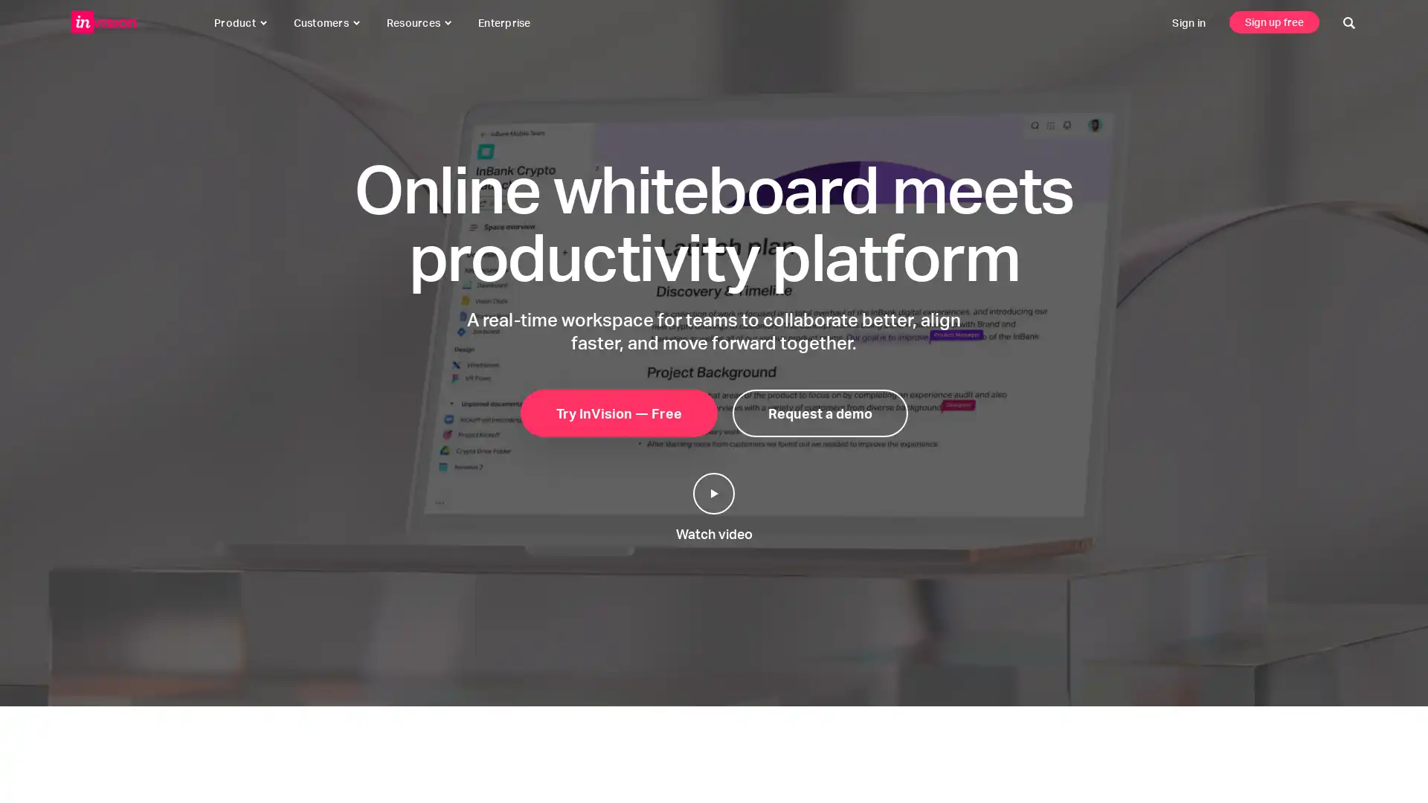 Image resolution: width=1428 pixels, height=803 pixels. Describe the element at coordinates (714, 493) in the screenshot. I see `play` at that location.